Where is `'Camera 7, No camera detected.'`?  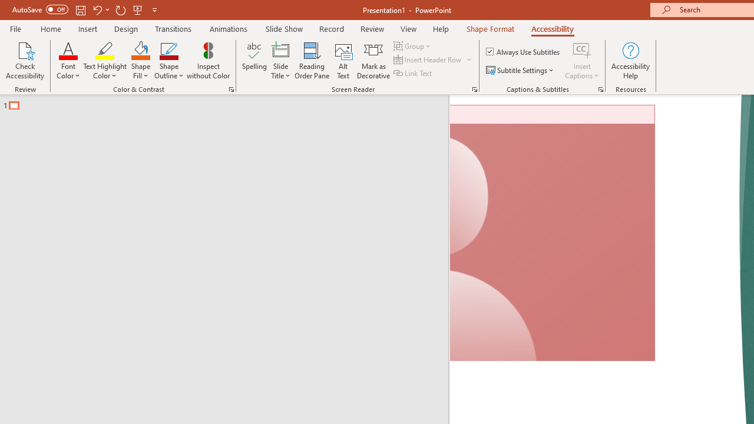 'Camera 7, No camera detected.' is located at coordinates (552, 233).